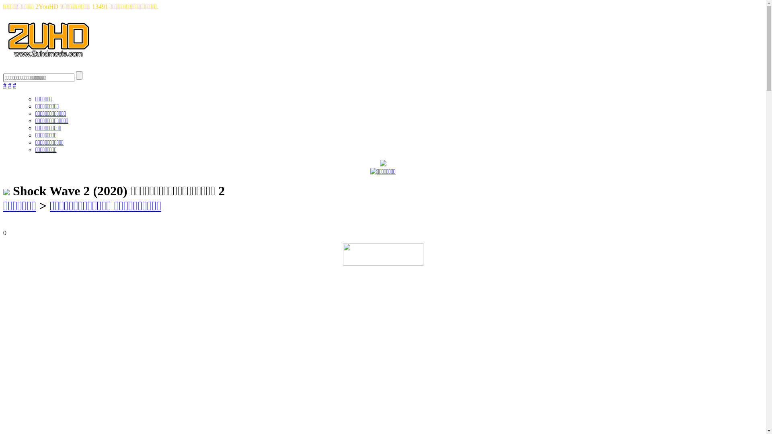  Describe the element at coordinates (13, 85) in the screenshot. I see `'#'` at that location.